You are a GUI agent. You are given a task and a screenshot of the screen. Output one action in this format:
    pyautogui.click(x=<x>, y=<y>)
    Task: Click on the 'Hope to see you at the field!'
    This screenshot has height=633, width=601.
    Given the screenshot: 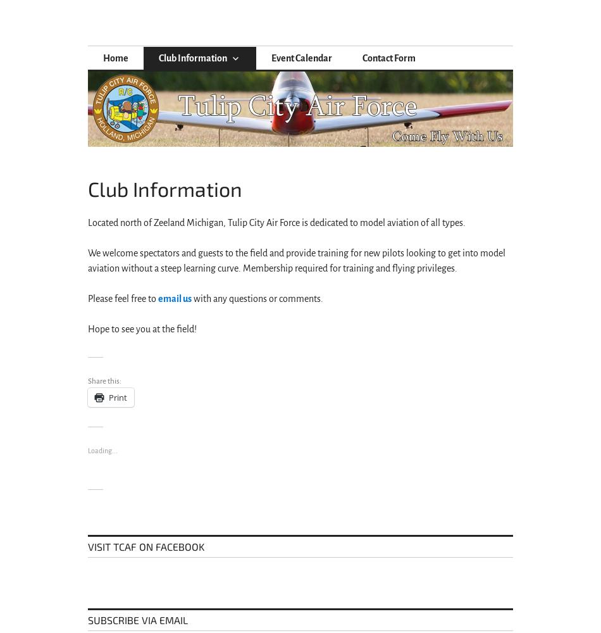 What is the action you would take?
    pyautogui.click(x=87, y=329)
    